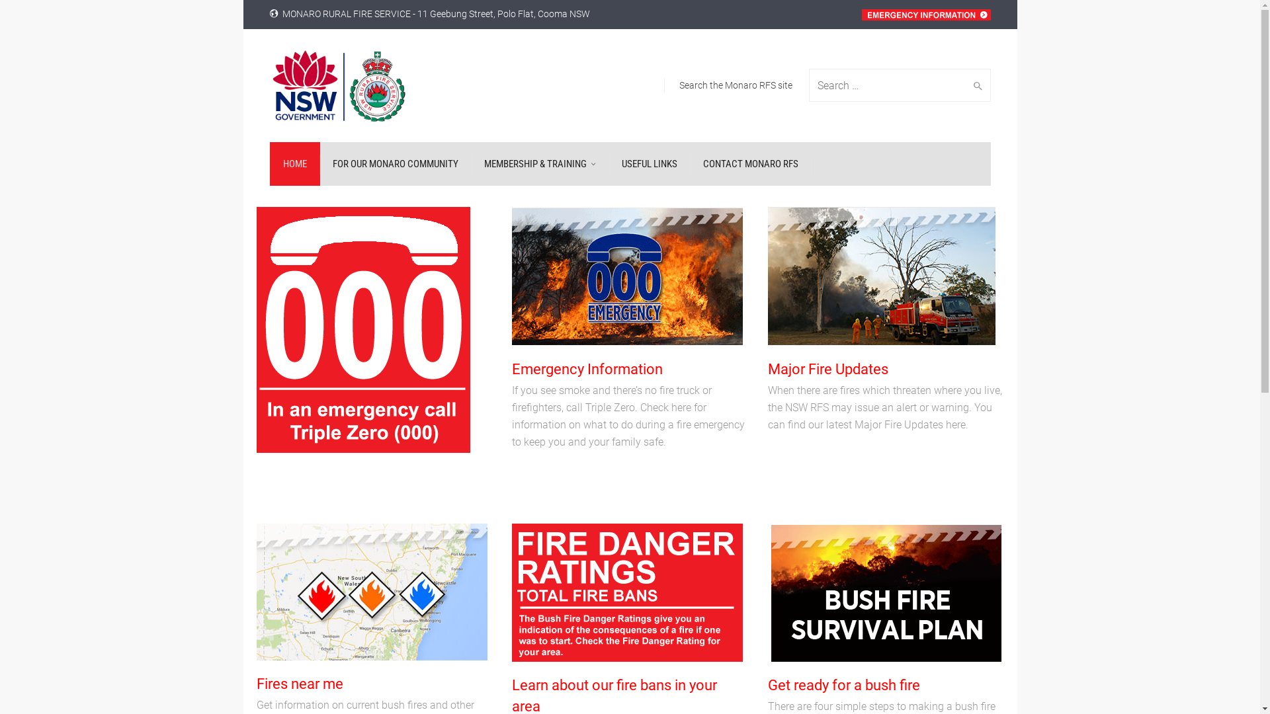  I want to click on 'MEMBERSHIP & TRAINING', so click(470, 163).